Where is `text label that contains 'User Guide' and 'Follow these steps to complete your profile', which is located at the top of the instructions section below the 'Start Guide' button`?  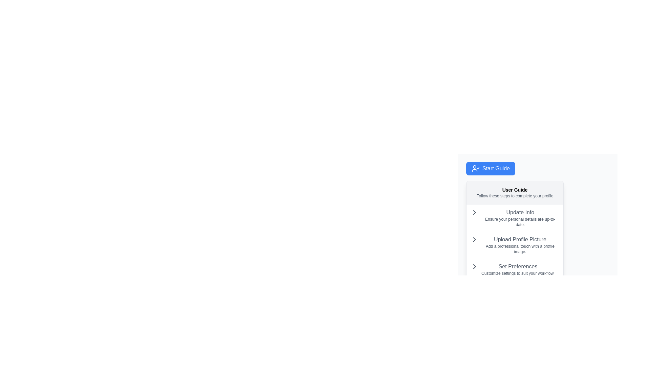 text label that contains 'User Guide' and 'Follow these steps to complete your profile', which is located at the top of the instructions section below the 'Start Guide' button is located at coordinates (515, 193).